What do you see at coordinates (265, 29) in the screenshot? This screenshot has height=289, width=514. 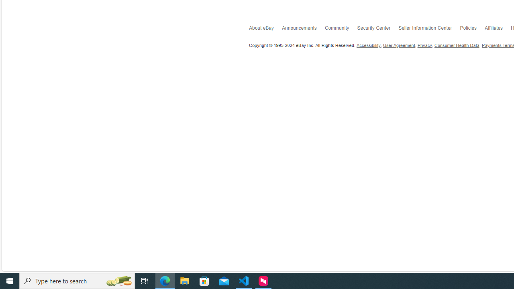 I see `'About eBay'` at bounding box center [265, 29].